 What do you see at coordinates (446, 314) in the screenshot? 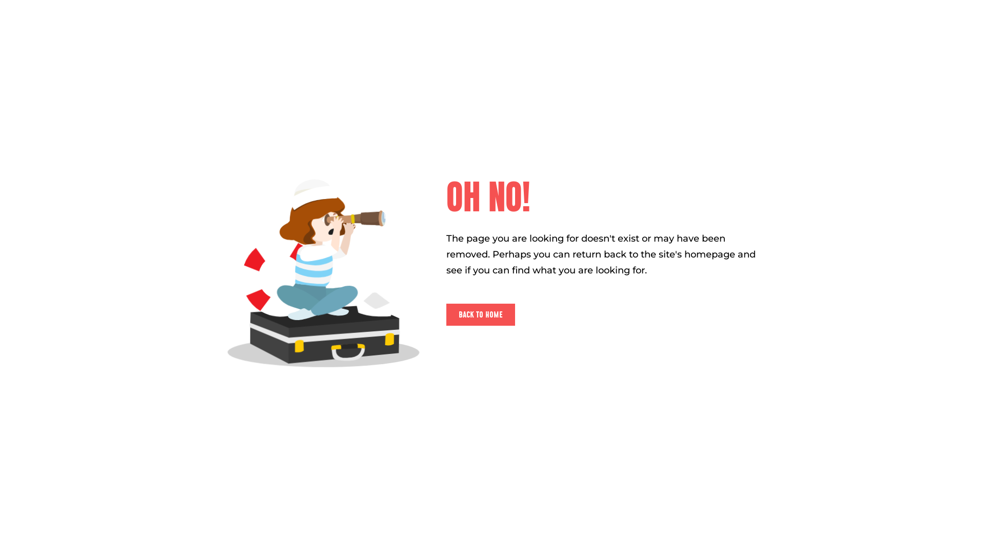
I see `'BACK TO HOME'` at bounding box center [446, 314].